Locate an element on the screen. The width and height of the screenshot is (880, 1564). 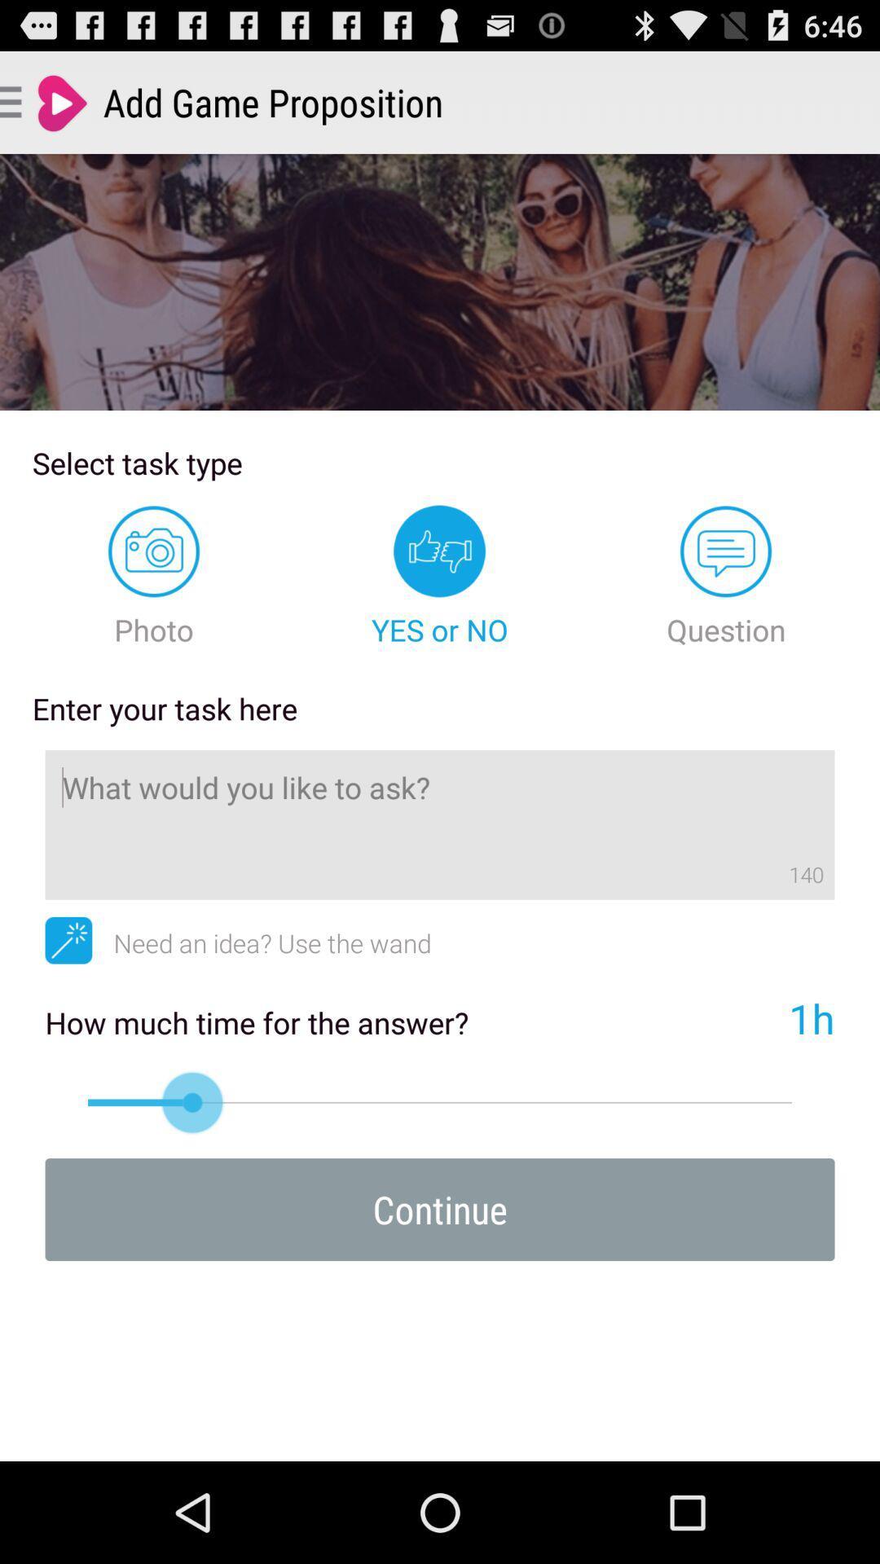
the photo icon is located at coordinates (154, 577).